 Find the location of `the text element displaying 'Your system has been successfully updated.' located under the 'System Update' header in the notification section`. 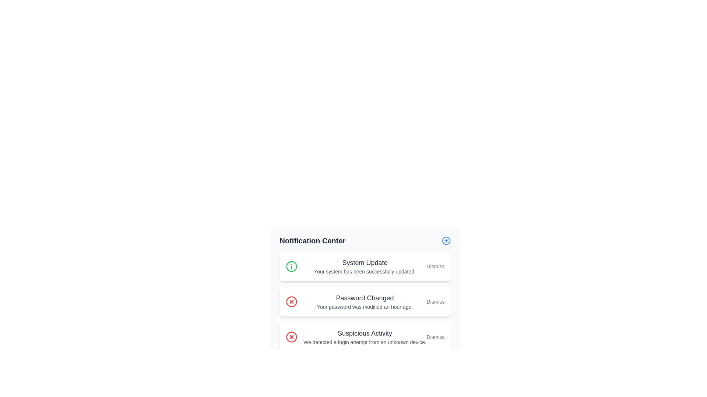

the text element displaying 'Your system has been successfully updated.' located under the 'System Update' header in the notification section is located at coordinates (365, 272).